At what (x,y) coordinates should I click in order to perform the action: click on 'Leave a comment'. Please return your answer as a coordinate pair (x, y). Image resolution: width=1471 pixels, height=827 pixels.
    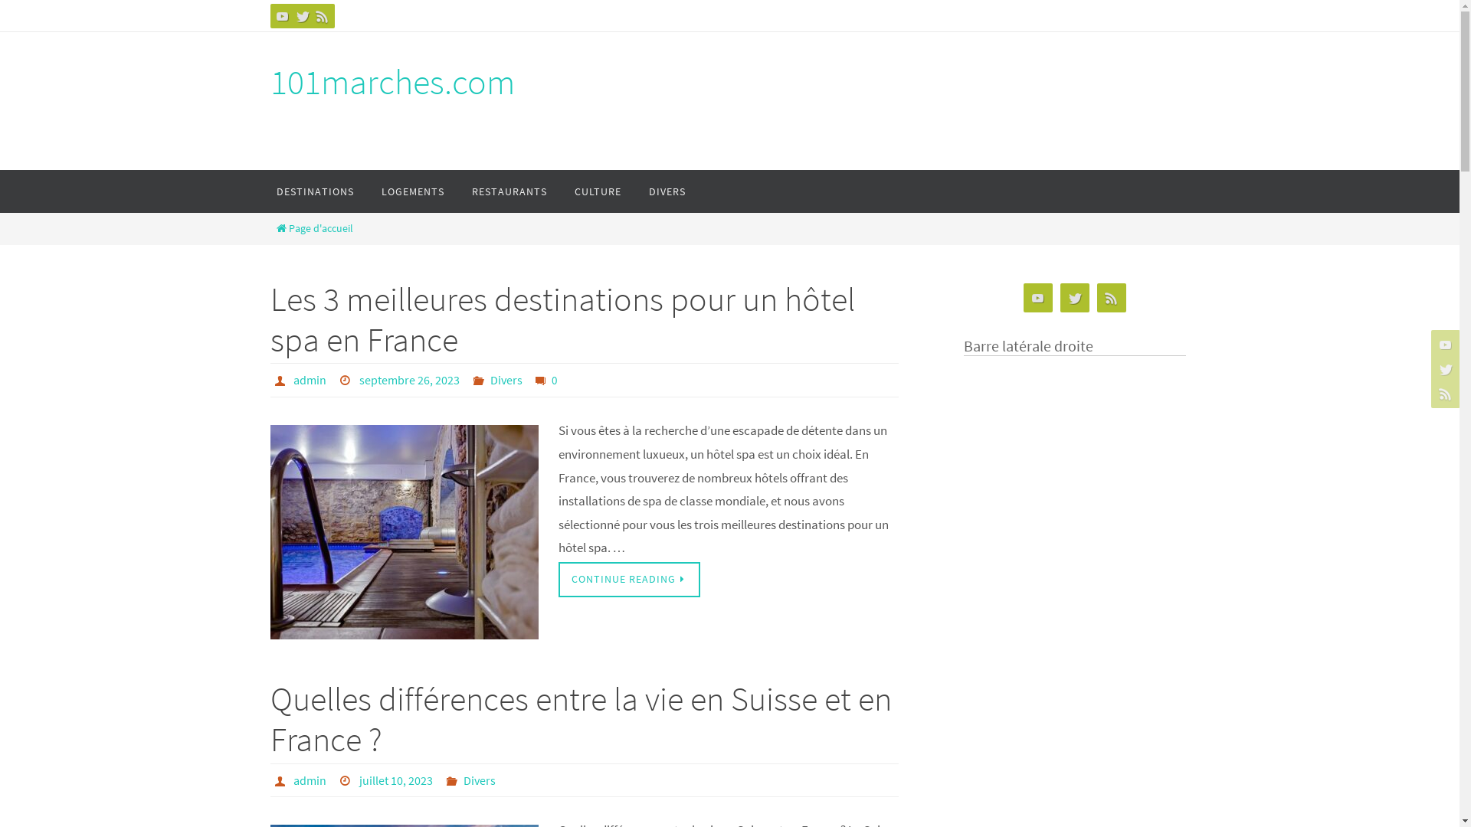
    Looking at the image, I should click on (543, 379).